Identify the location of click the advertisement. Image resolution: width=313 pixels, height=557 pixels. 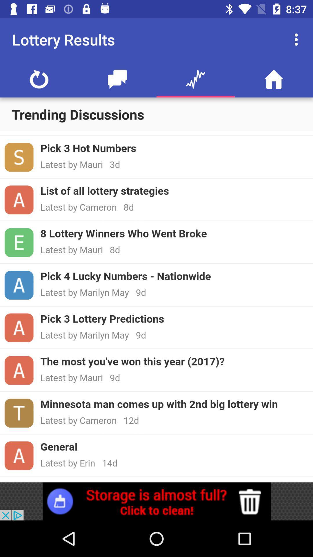
(156, 501).